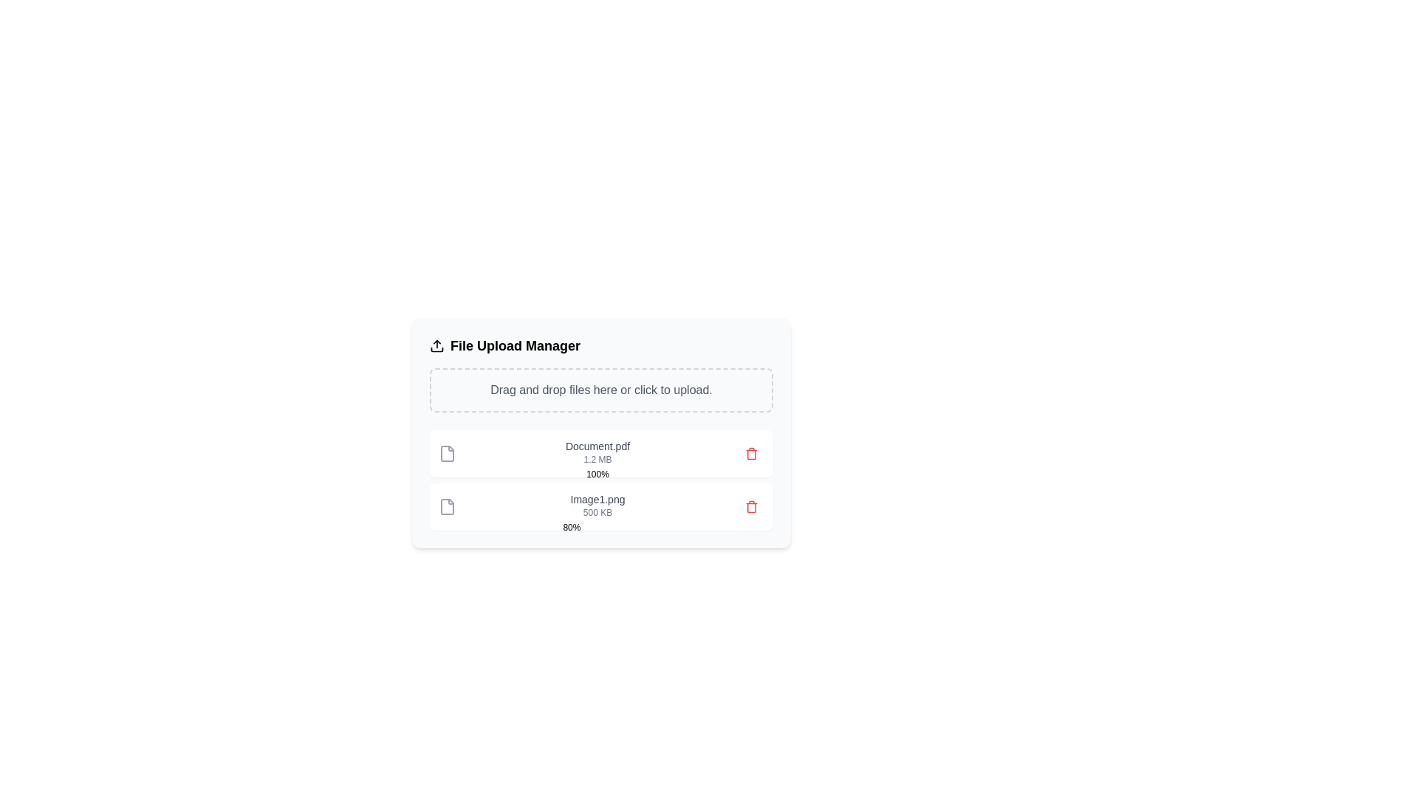 This screenshot has width=1418, height=797. What do you see at coordinates (597, 506) in the screenshot?
I see `the file entry displaying 'Image1.png'` at bounding box center [597, 506].